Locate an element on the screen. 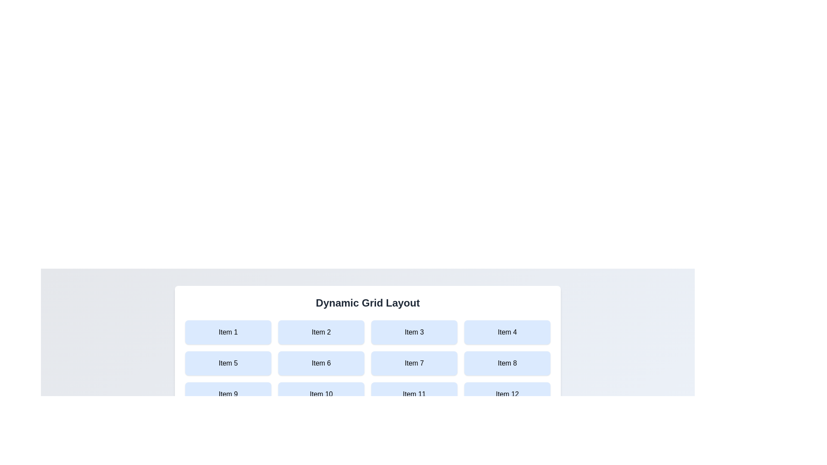 The height and width of the screenshot is (465, 827). the button located in the second row, first column of the grid layout is located at coordinates (228, 363).